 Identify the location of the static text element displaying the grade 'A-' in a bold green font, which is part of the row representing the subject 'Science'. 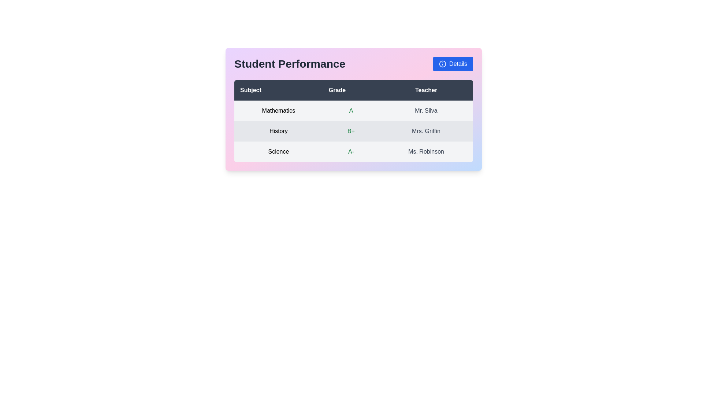
(351, 151).